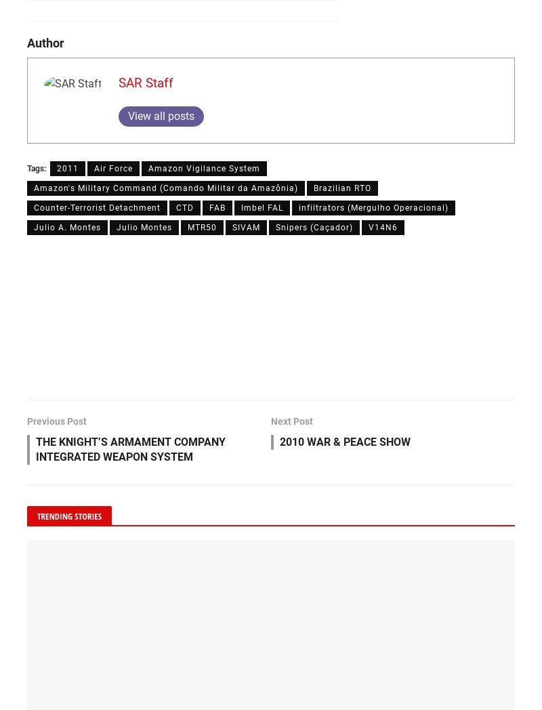 The height and width of the screenshot is (710, 542). I want to click on 'Brazilian RTO', so click(341, 188).